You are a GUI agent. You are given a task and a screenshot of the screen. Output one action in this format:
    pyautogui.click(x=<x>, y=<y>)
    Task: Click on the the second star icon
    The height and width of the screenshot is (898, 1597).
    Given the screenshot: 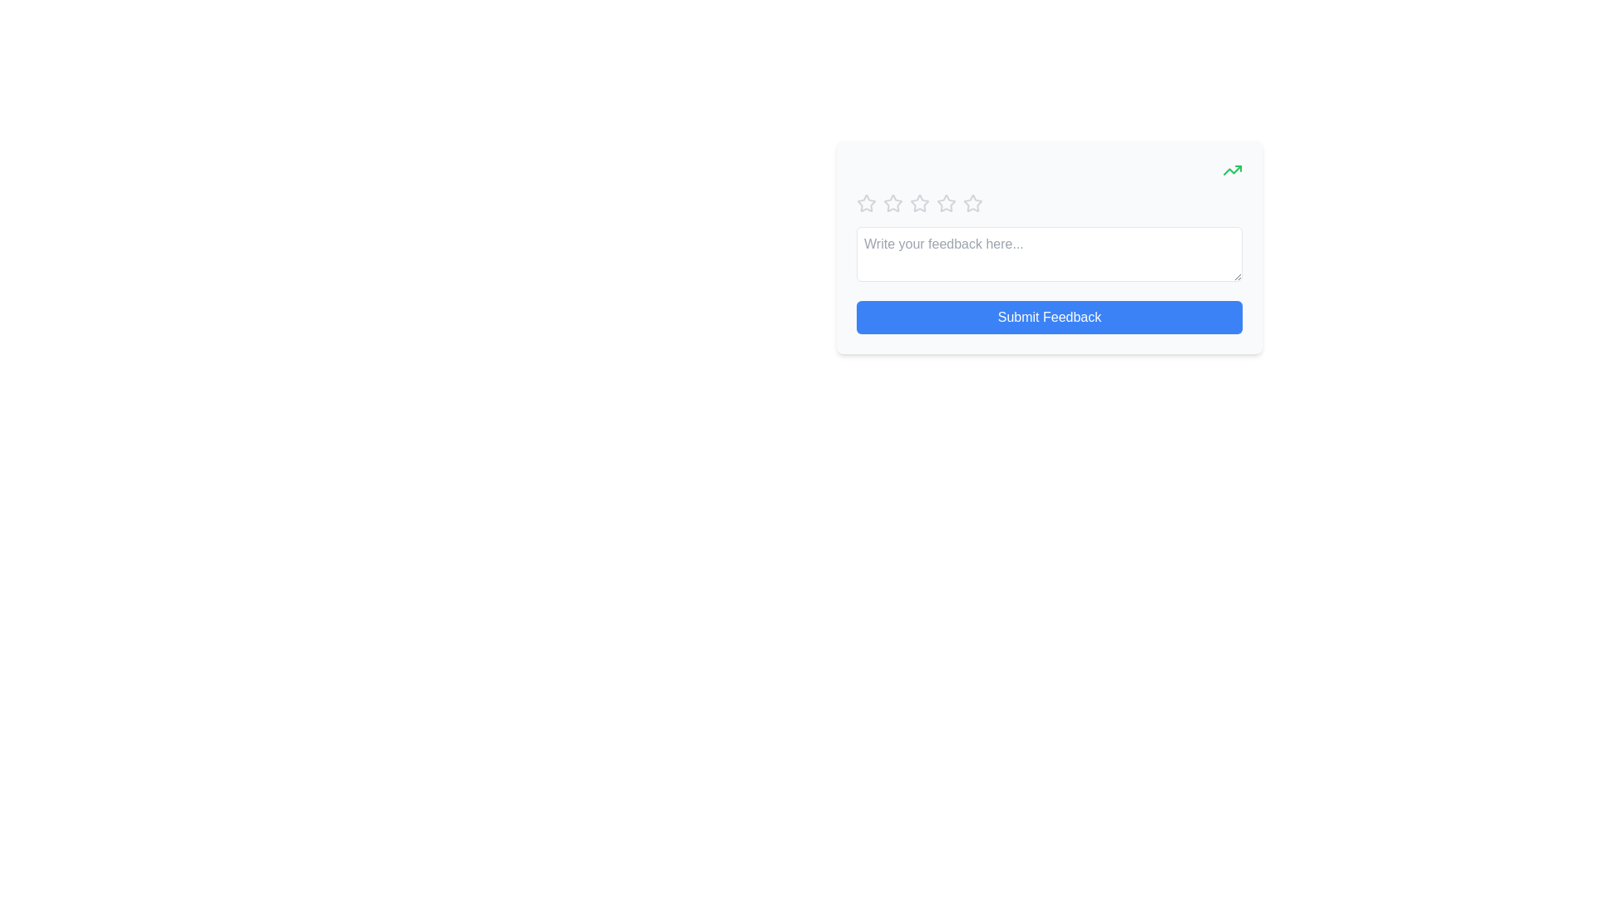 What is the action you would take?
    pyautogui.click(x=892, y=203)
    